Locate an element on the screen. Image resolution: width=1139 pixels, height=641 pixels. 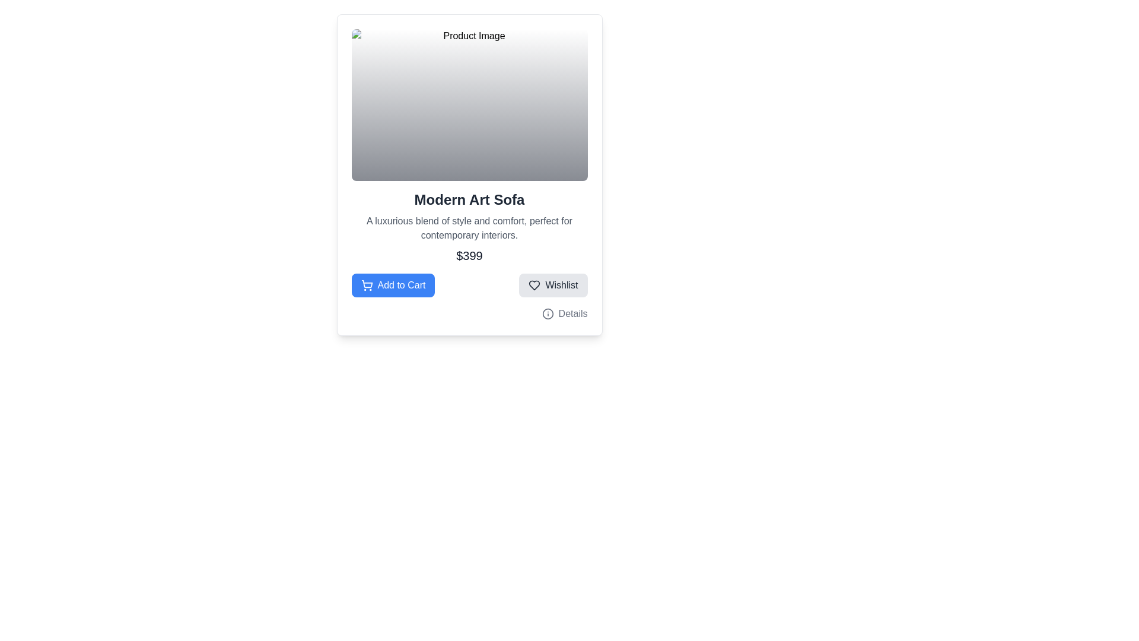
the clickable text with an icon located in the lower-right section of the product card, which allows users is located at coordinates (564, 313).